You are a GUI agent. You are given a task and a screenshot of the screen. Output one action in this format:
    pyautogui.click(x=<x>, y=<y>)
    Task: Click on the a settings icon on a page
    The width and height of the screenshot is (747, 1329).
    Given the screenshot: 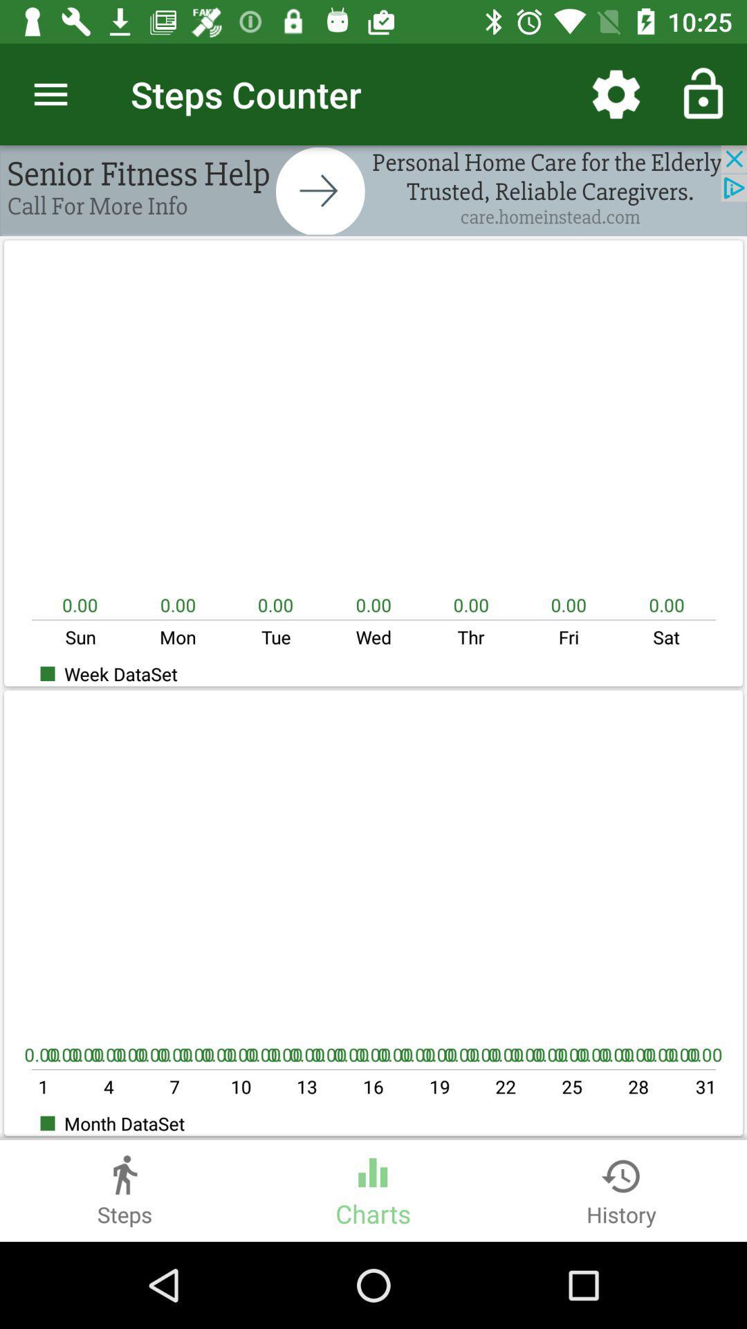 What is the action you would take?
    pyautogui.click(x=616, y=94)
    